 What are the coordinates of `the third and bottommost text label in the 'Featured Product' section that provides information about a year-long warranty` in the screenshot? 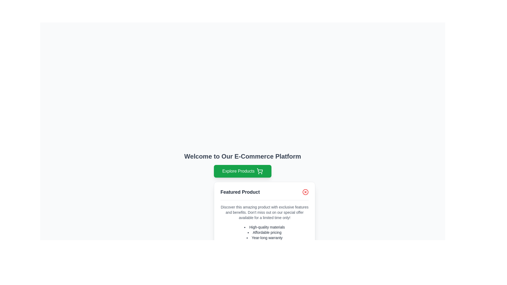 It's located at (265, 238).